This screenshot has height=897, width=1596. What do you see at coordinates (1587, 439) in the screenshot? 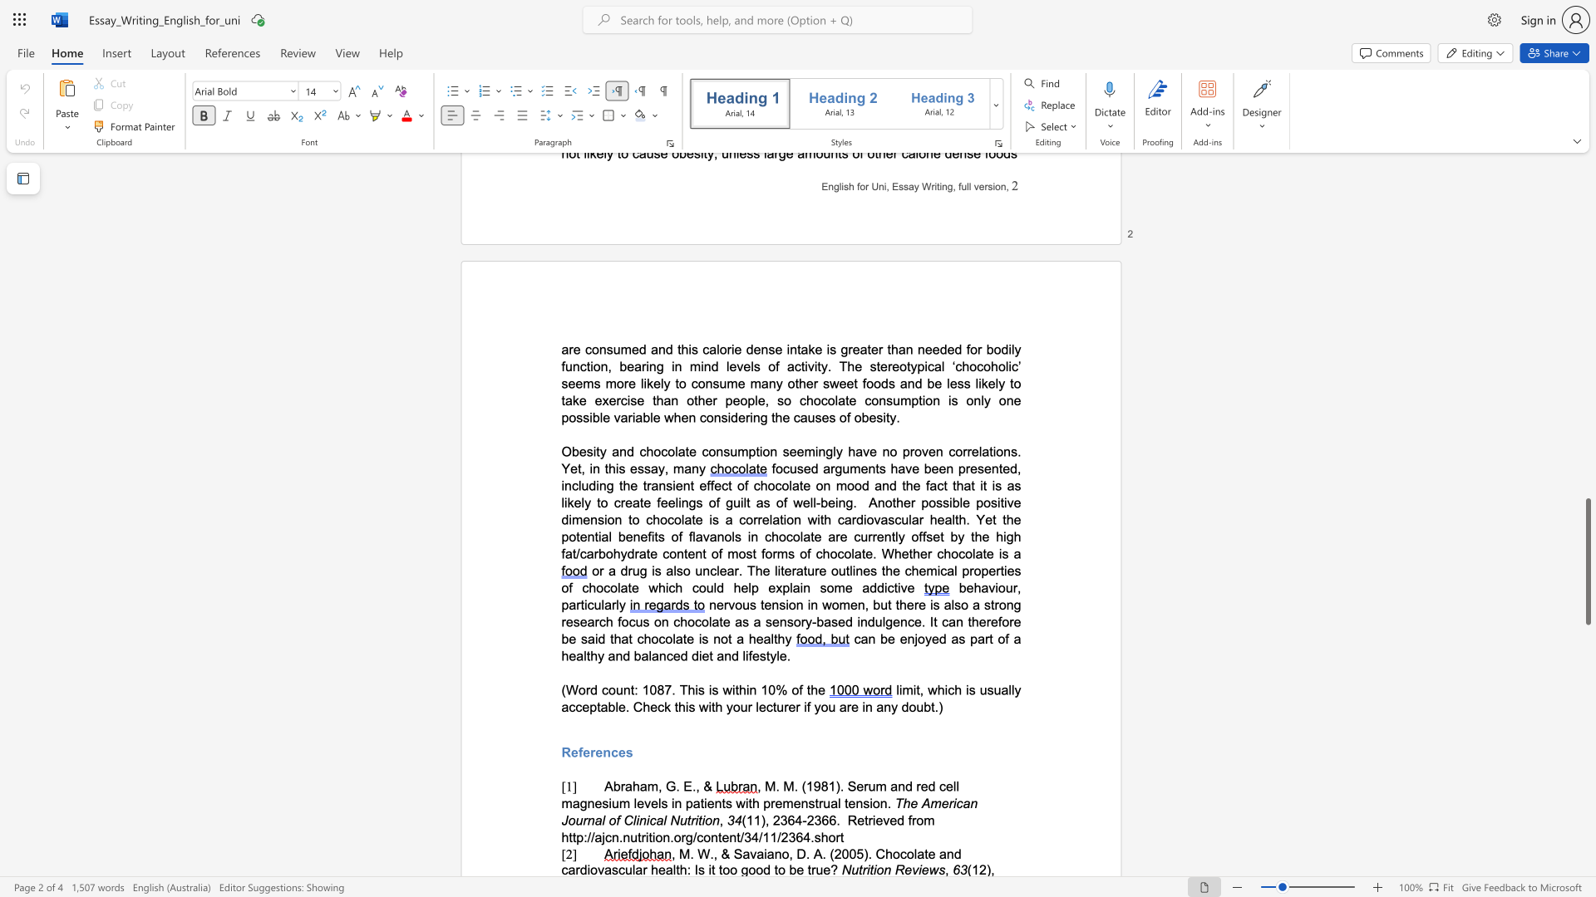
I see `the scrollbar to scroll the page up` at bounding box center [1587, 439].